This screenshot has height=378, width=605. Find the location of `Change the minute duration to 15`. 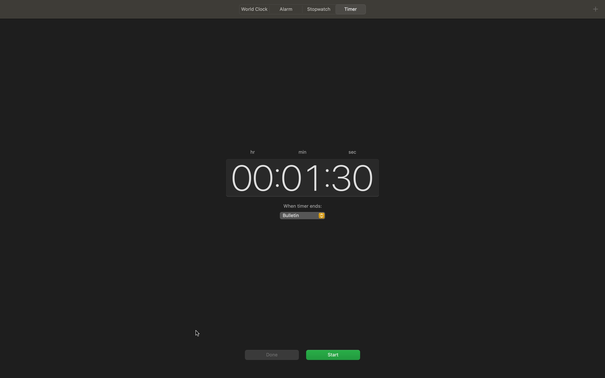

Change the minute duration to 15 is located at coordinates (300, 177).